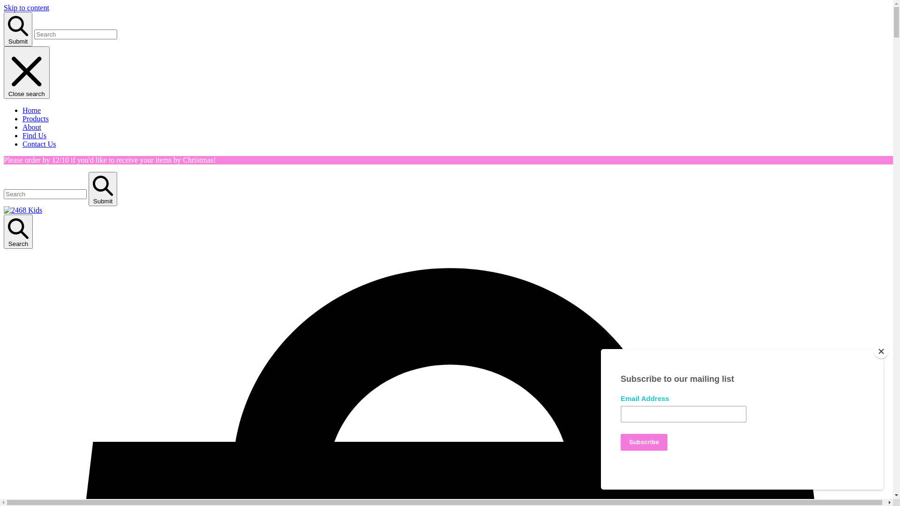  Describe the element at coordinates (36, 118) in the screenshot. I see `'Products'` at that location.